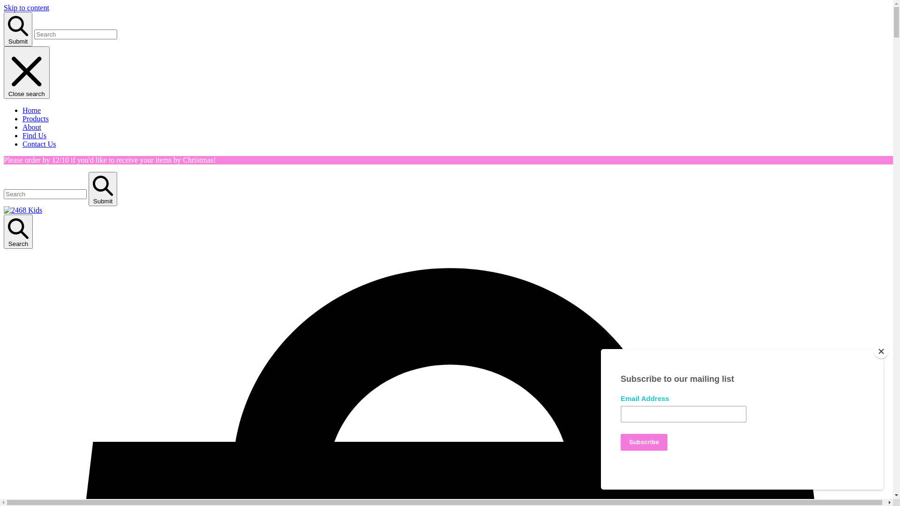  Describe the element at coordinates (36, 118) in the screenshot. I see `'Products'` at that location.